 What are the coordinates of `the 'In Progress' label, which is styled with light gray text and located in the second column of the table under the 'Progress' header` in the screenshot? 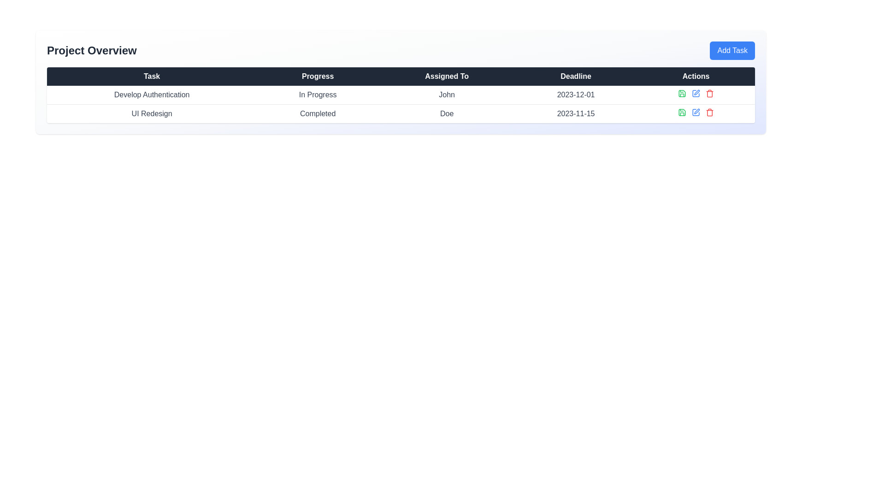 It's located at (318, 95).